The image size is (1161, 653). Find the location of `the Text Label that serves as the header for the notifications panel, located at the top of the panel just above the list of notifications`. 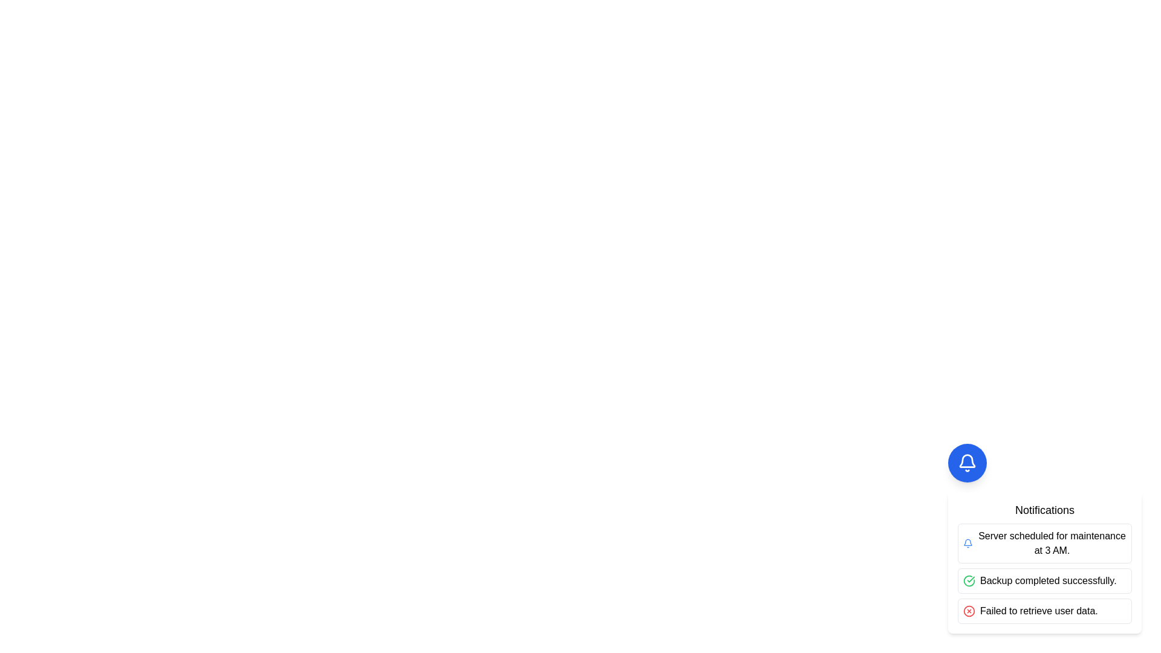

the Text Label that serves as the header for the notifications panel, located at the top of the panel just above the list of notifications is located at coordinates (1044, 510).